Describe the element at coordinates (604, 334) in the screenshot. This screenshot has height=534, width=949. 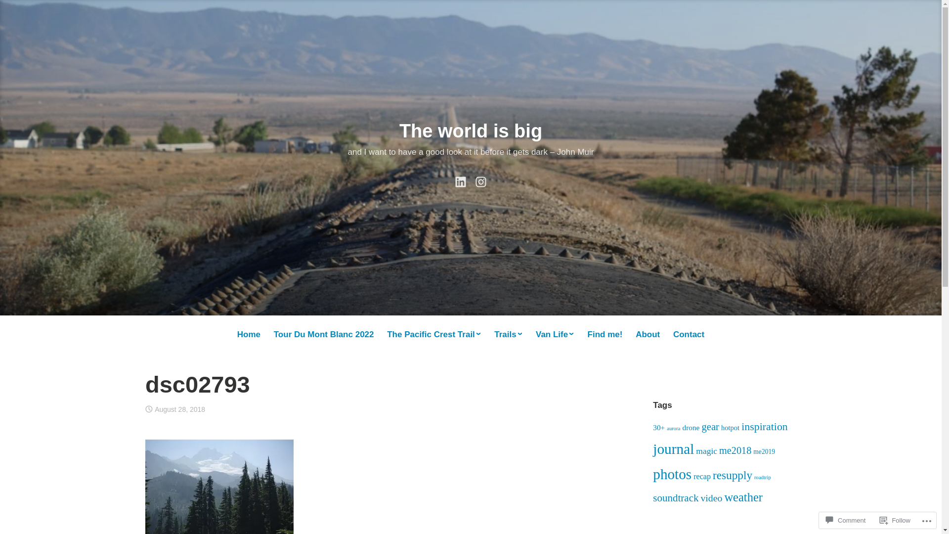
I see `'Find me!'` at that location.